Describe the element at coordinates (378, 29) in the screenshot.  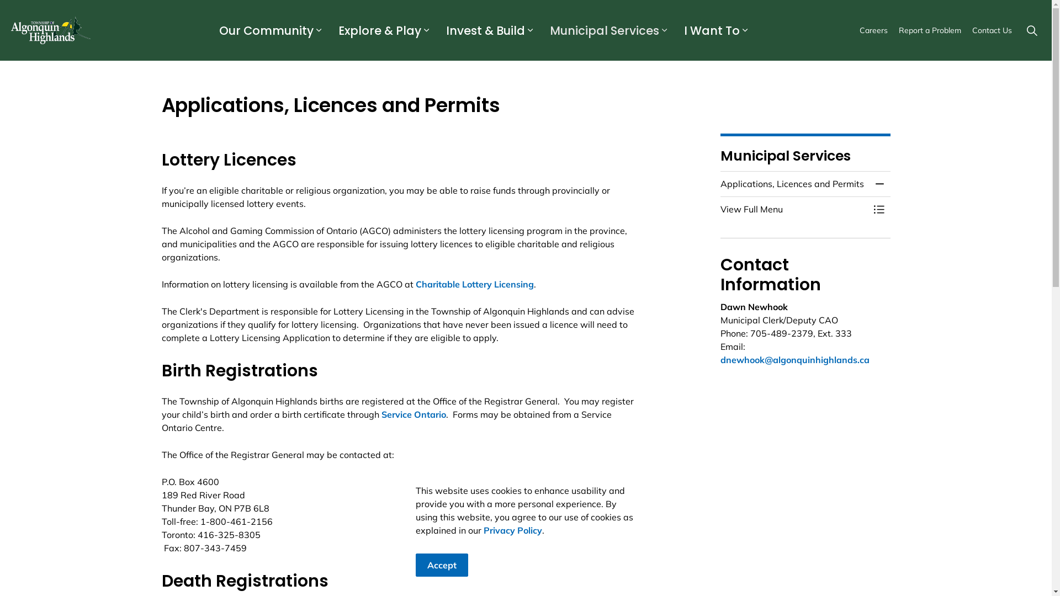
I see `'Explore & Play'` at that location.